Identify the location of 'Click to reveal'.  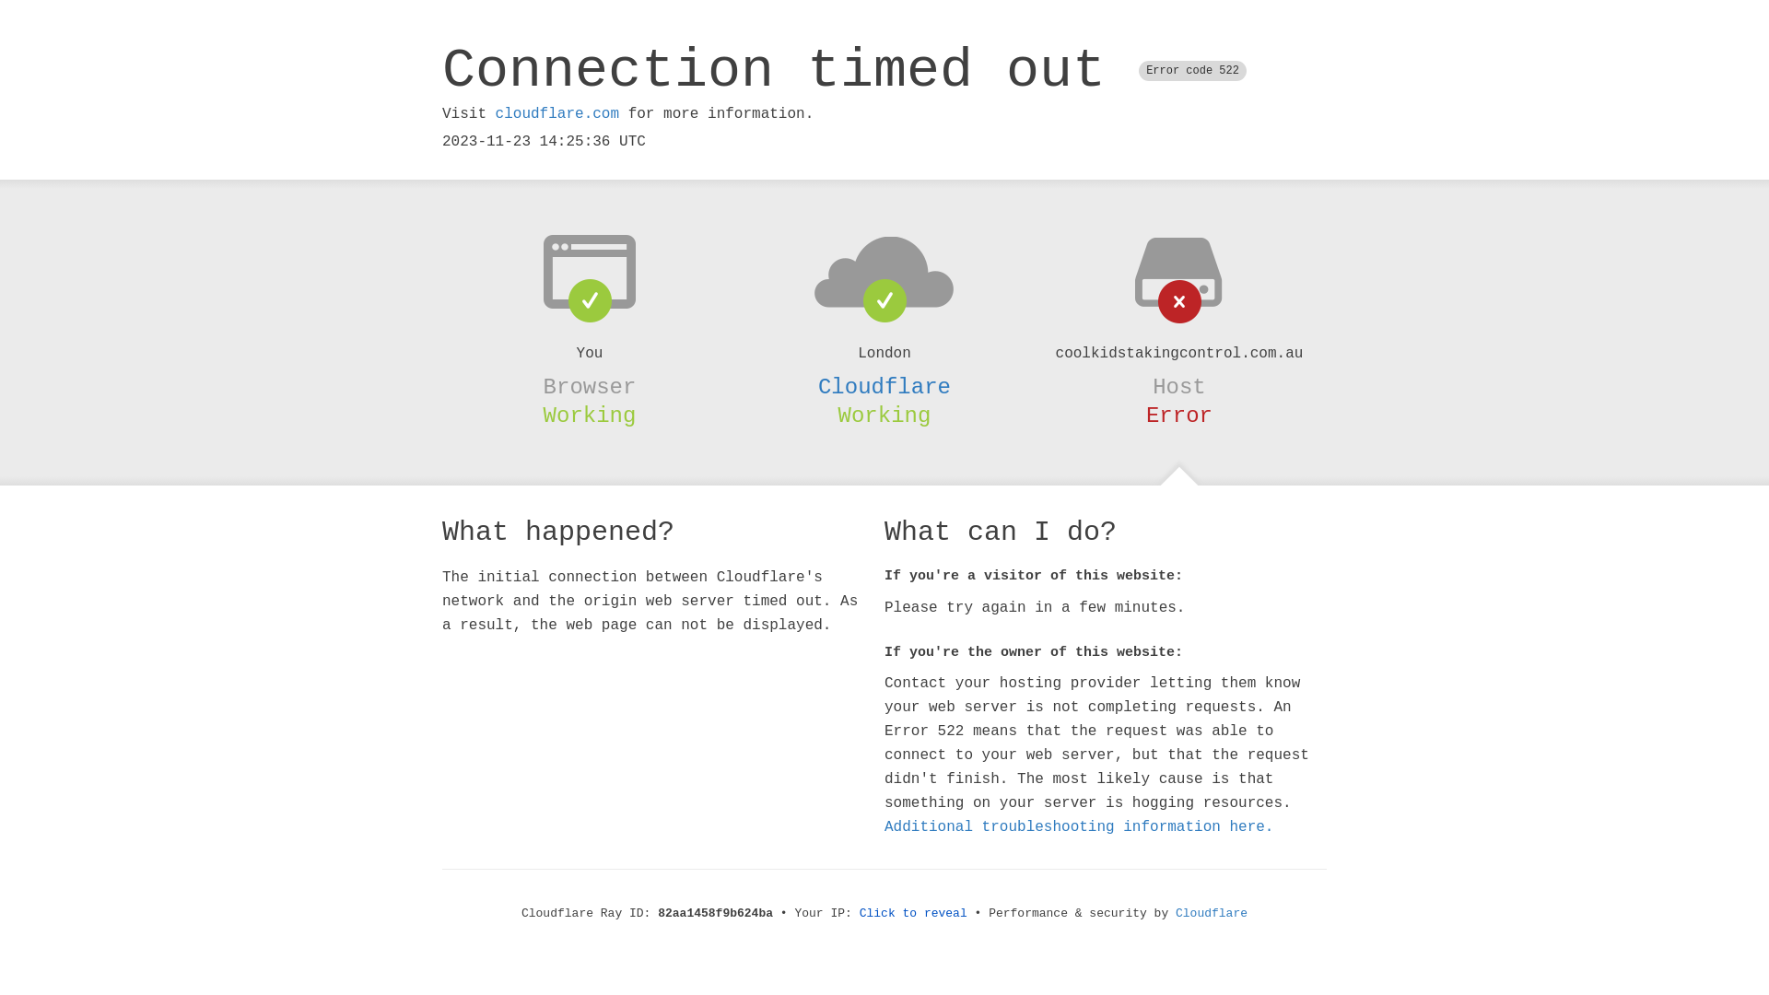
(858, 913).